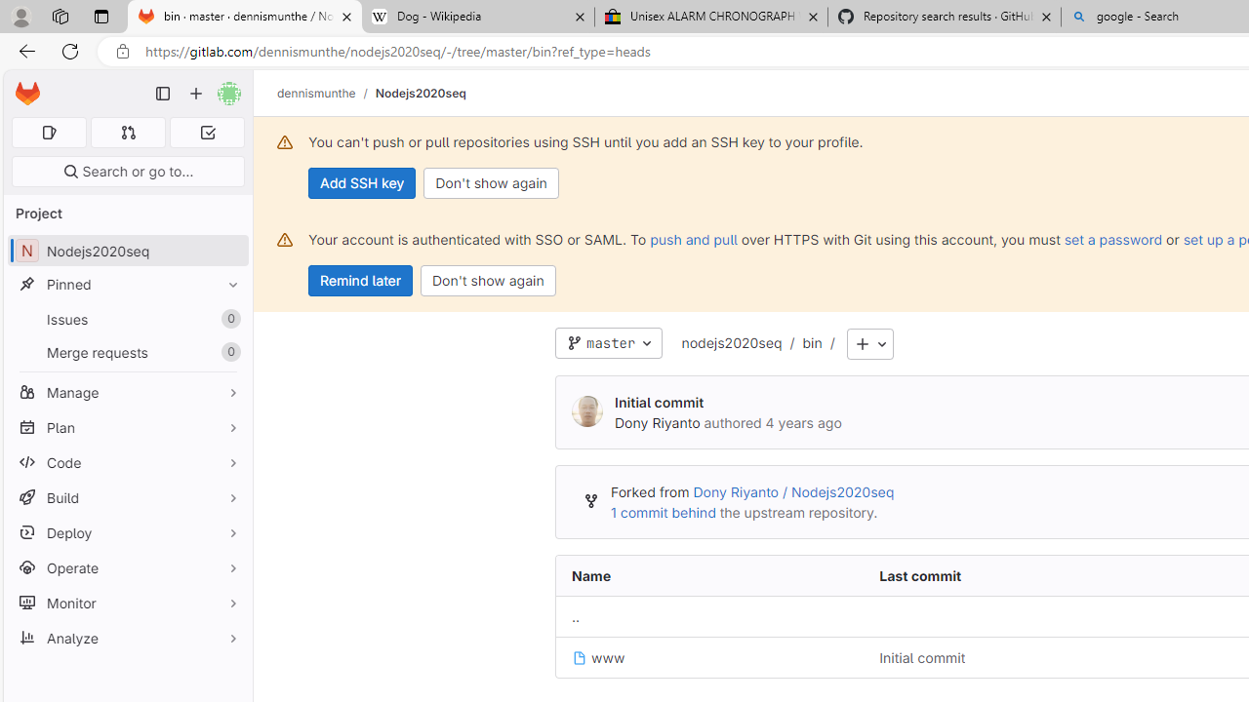 The image size is (1249, 702). Describe the element at coordinates (793, 491) in the screenshot. I see `'Dony Riyanto / Nodejs2020seq'` at that location.